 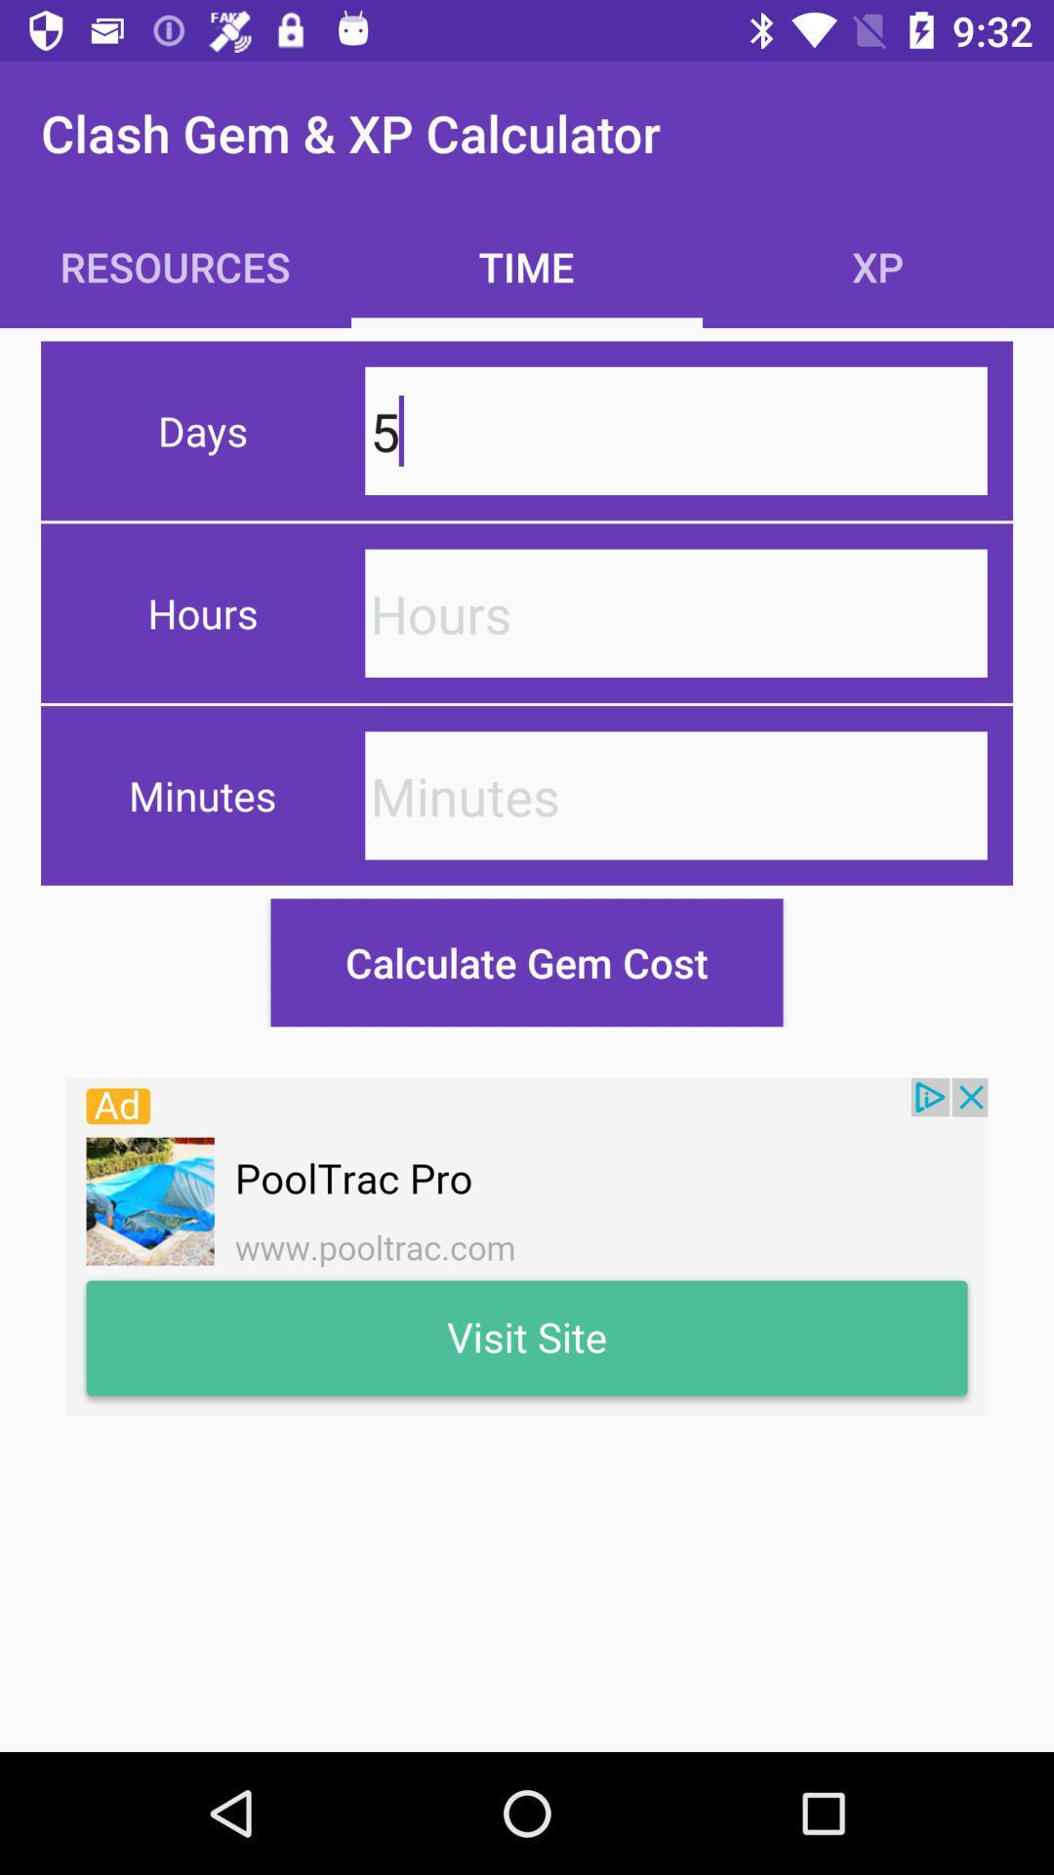 I want to click on advertising partner, so click(x=527, y=1246).